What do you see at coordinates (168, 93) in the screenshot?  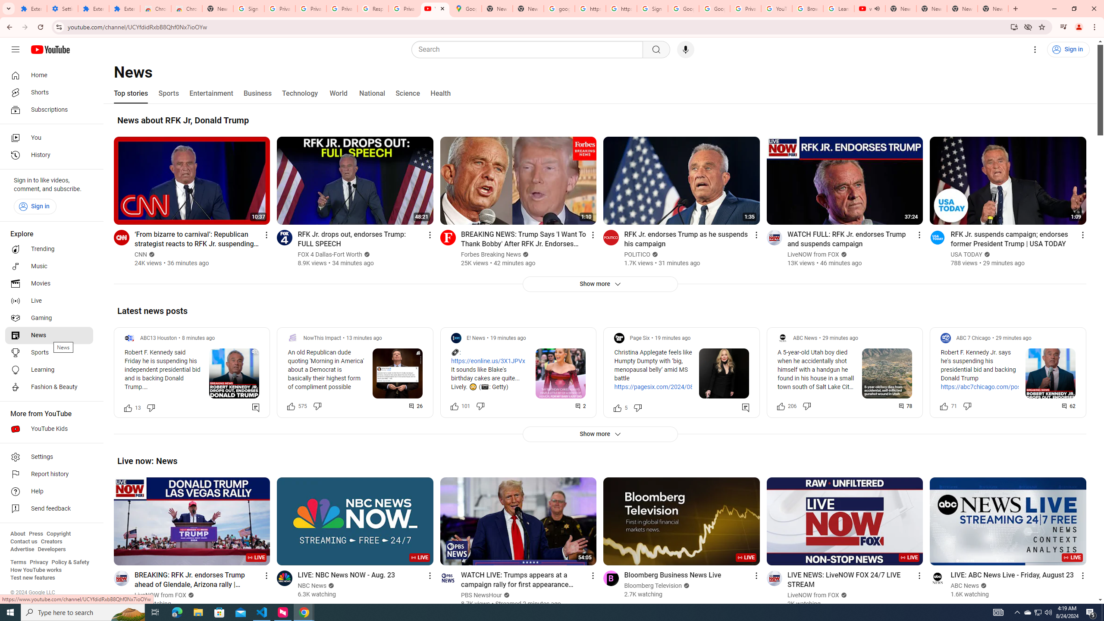 I see `'Sports'` at bounding box center [168, 93].